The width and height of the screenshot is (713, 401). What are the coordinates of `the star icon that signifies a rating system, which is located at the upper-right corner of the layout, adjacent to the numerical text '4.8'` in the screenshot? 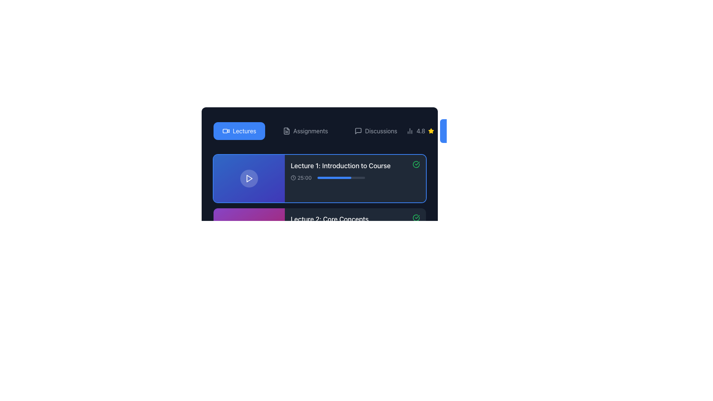 It's located at (431, 131).